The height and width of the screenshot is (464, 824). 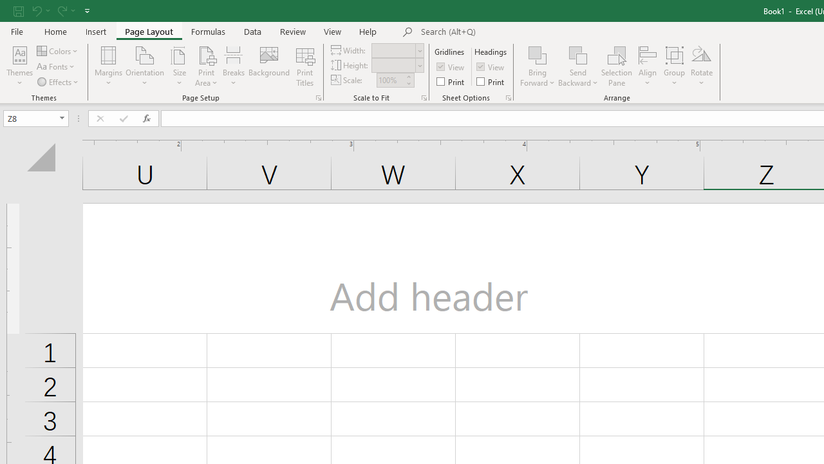 I want to click on 'Undo', so click(x=36, y=10).